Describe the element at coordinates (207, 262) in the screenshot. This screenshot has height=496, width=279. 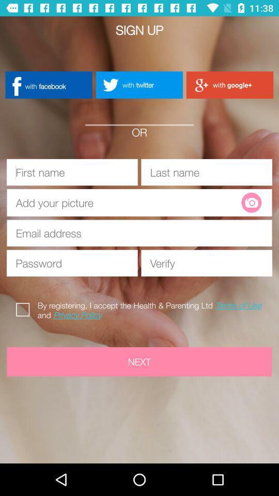
I see `repeat password in this box to verify` at that location.